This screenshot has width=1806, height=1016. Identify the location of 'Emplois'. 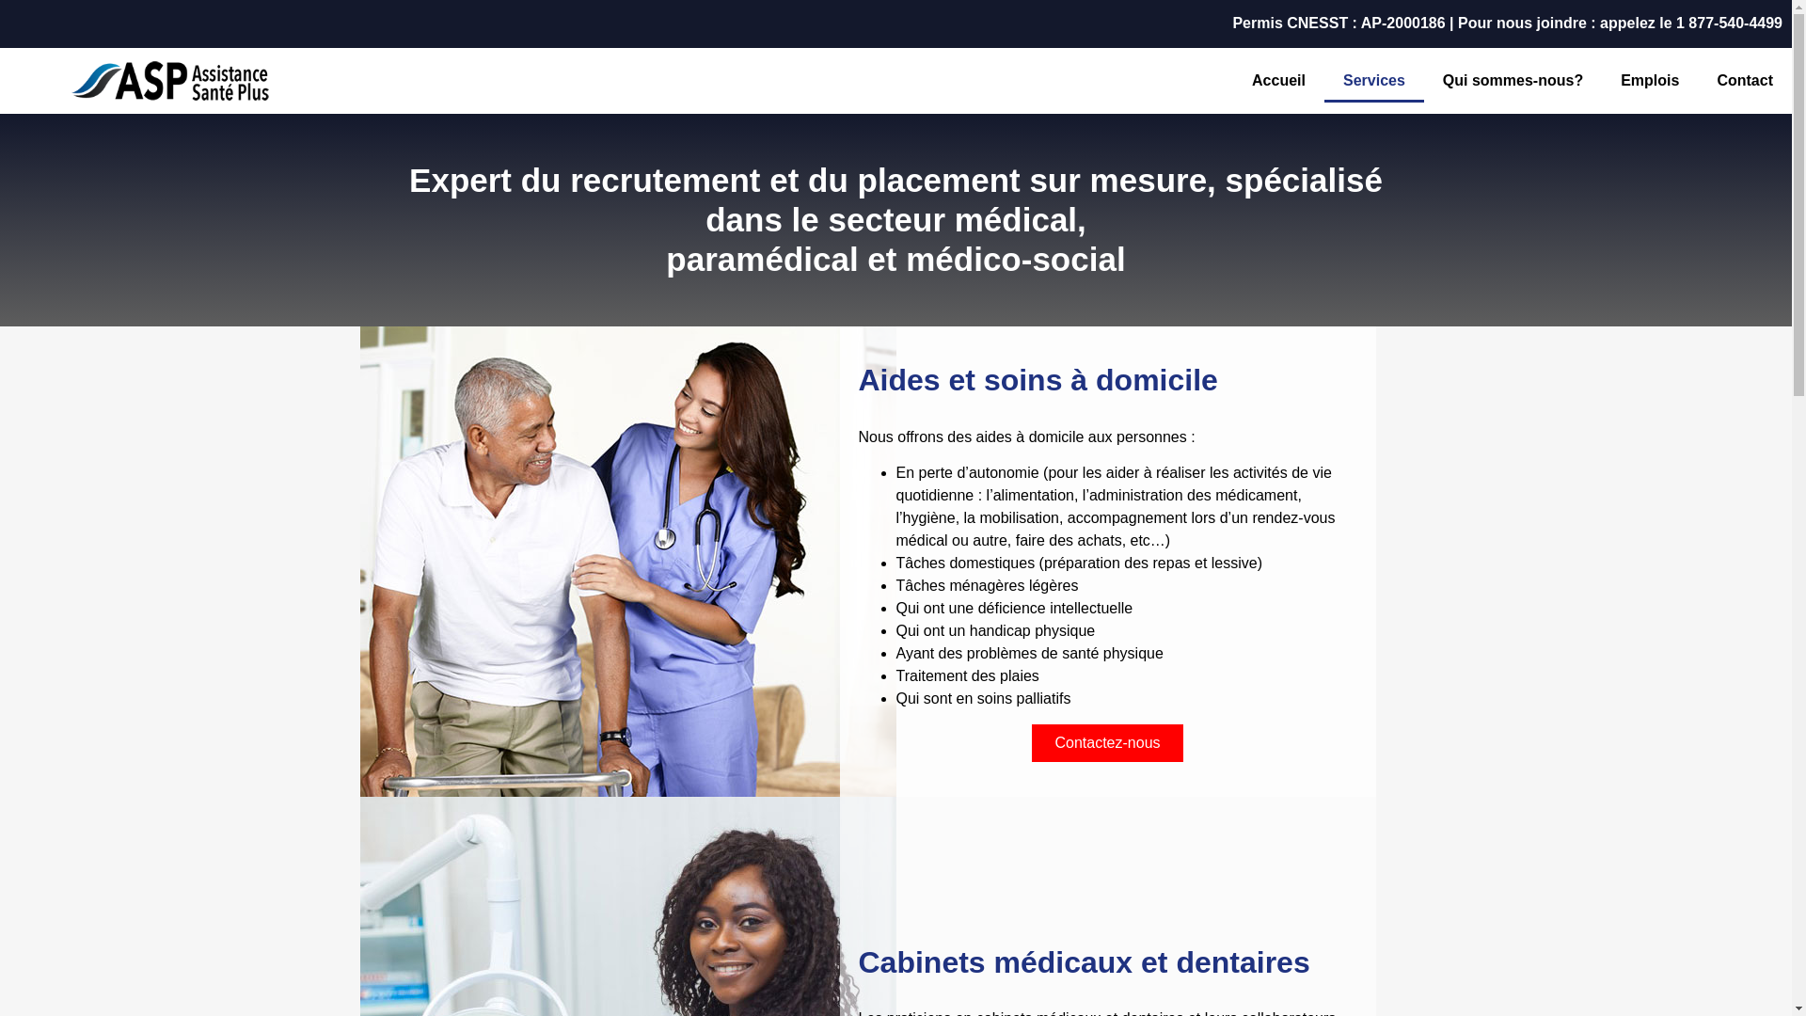
(1648, 79).